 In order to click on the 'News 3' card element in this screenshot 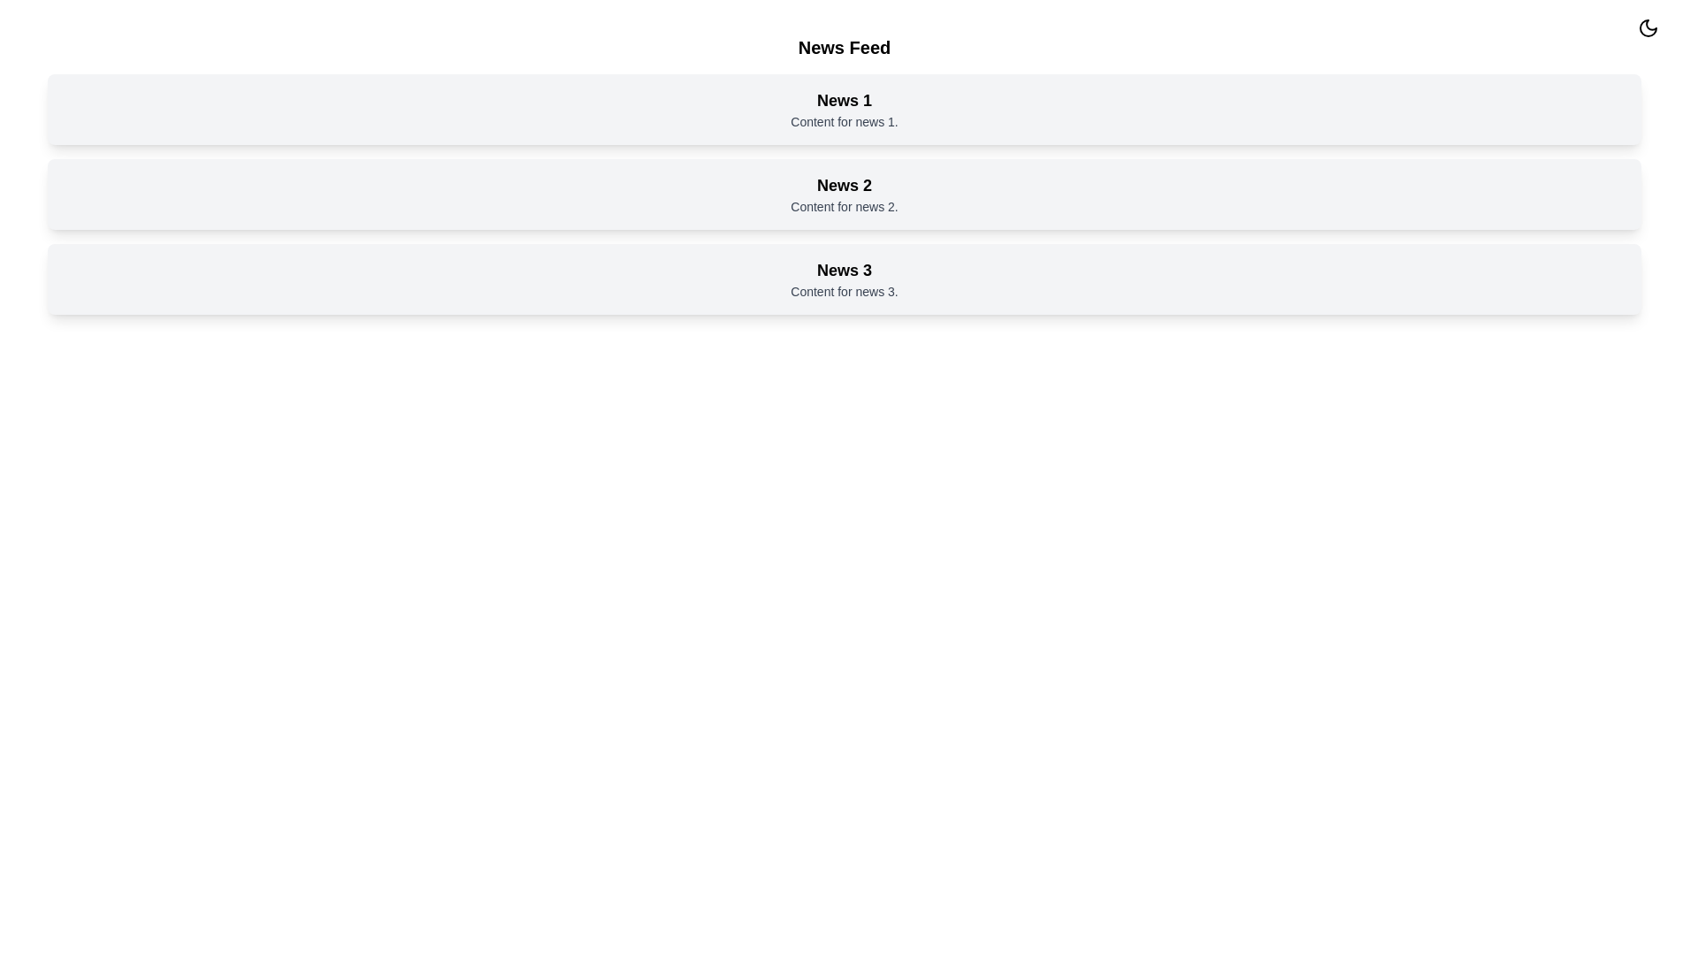, I will do `click(844, 279)`.